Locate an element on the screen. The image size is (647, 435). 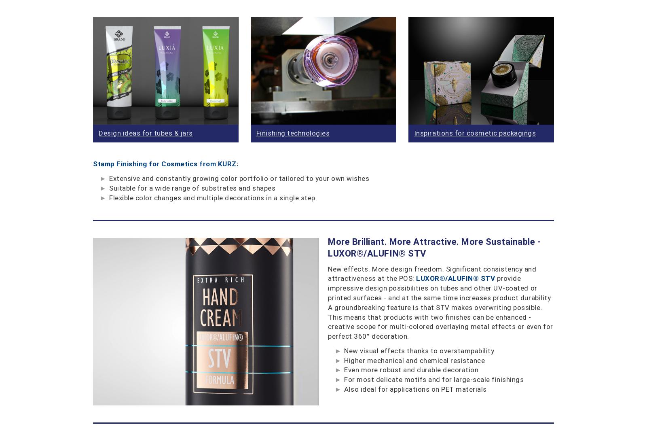
'More Brilliant. More Attractive. More Sustainable - LUXOR®/ALUFIN® STV' is located at coordinates (434, 247).